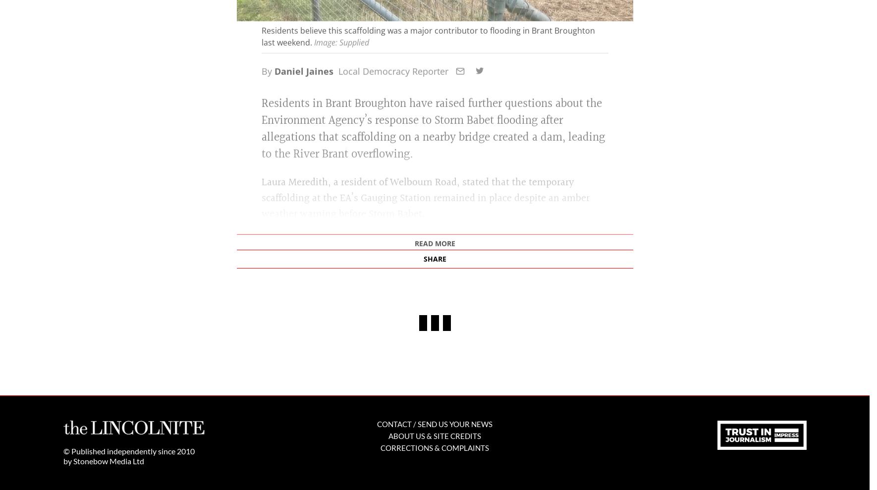 This screenshot has width=877, height=490. I want to click on 'Daniel Jaines', so click(303, 222).